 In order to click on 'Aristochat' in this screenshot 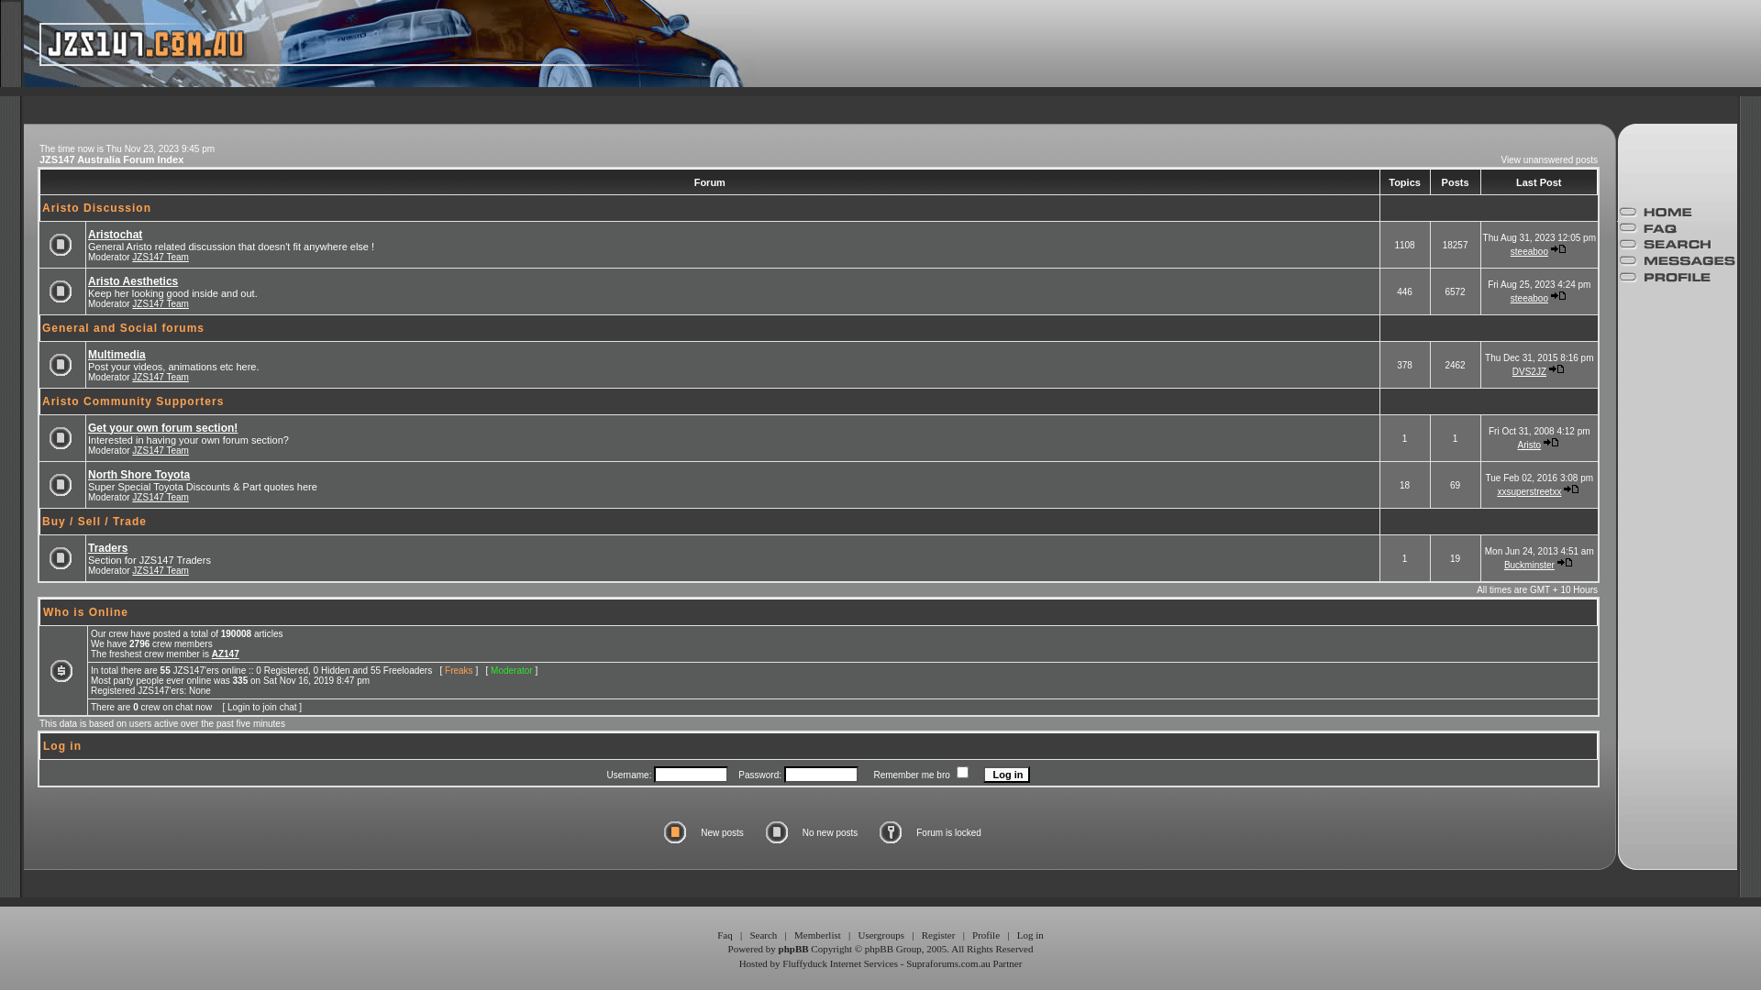, I will do `click(87, 232)`.